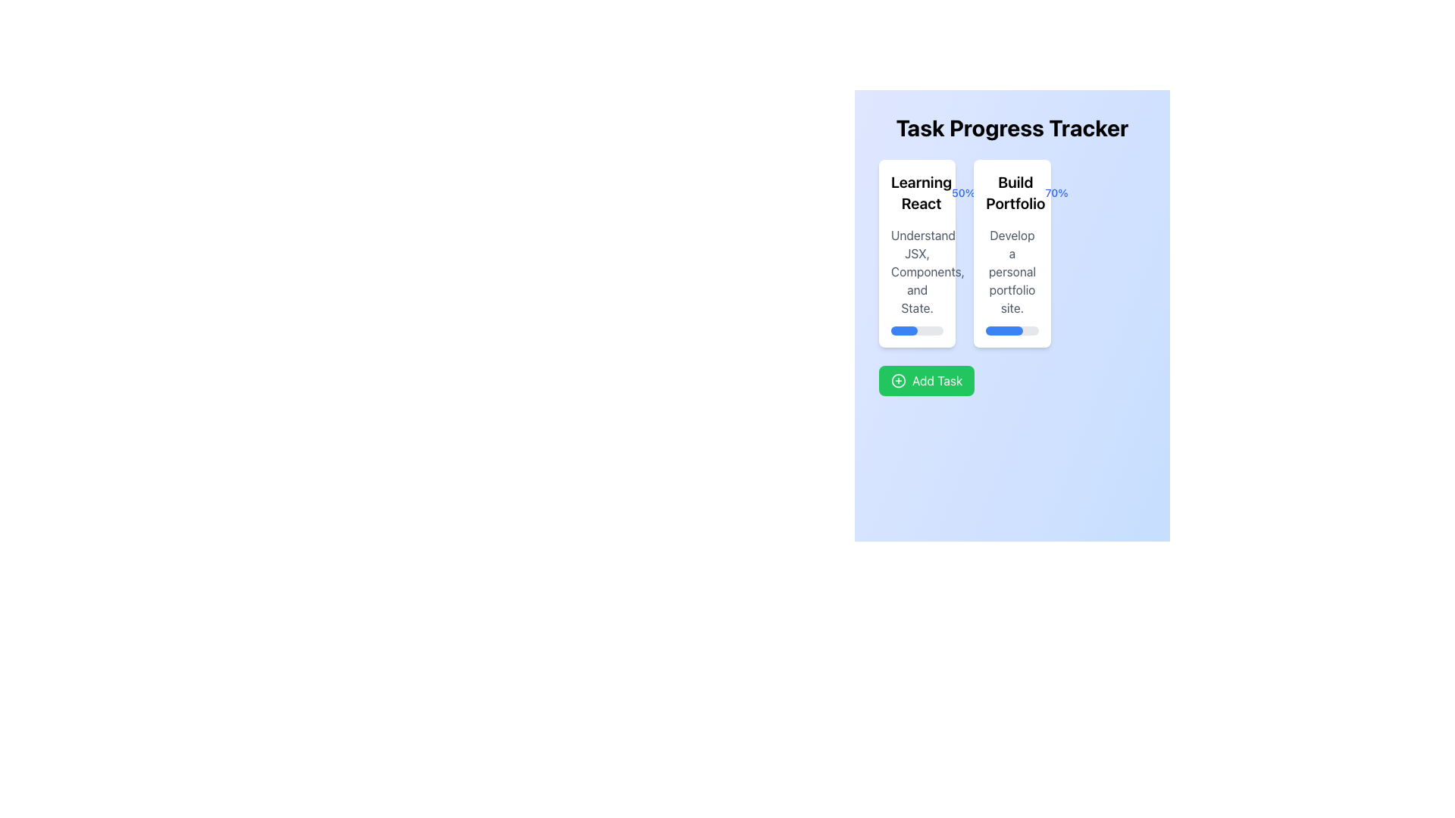  I want to click on the label text displaying 'Understand JSX, Components, and State.' which is located within the second task card under the title 'Learning React', so click(916, 270).